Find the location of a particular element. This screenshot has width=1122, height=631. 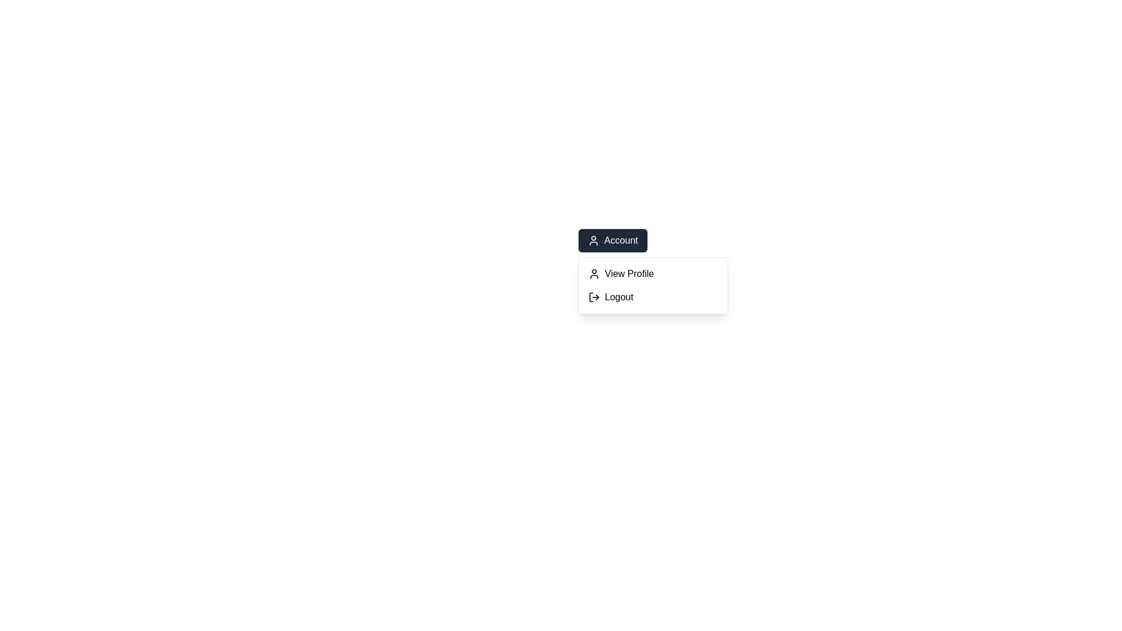

the 'Log Out' menu option located below the 'View Profile' option in the user account actions dropdown menu to initiate the logout process is located at coordinates (653, 297).